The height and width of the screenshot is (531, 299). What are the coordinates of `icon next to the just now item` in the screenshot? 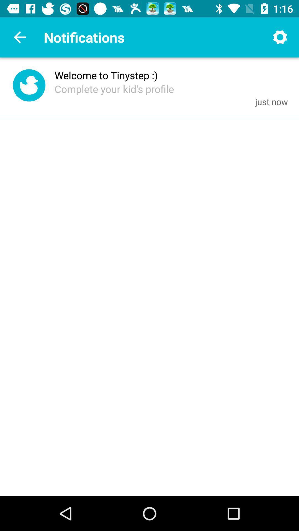 It's located at (114, 89).